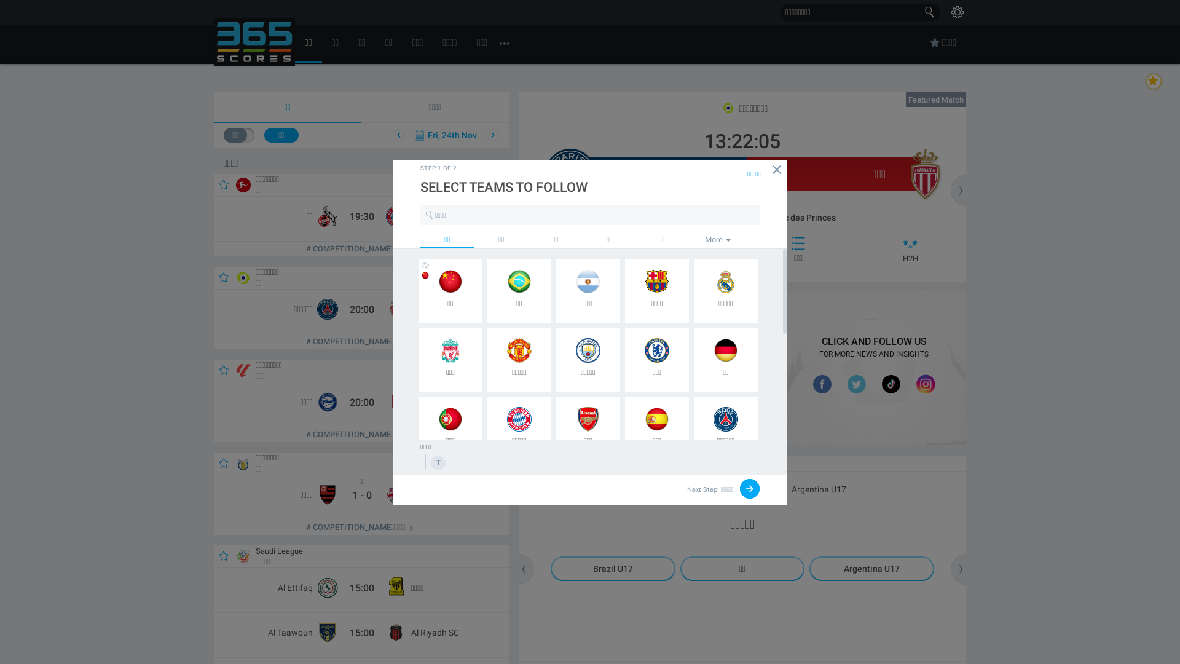 This screenshot has height=664, width=1180. What do you see at coordinates (908, 249) in the screenshot?
I see `'H2H'` at bounding box center [908, 249].